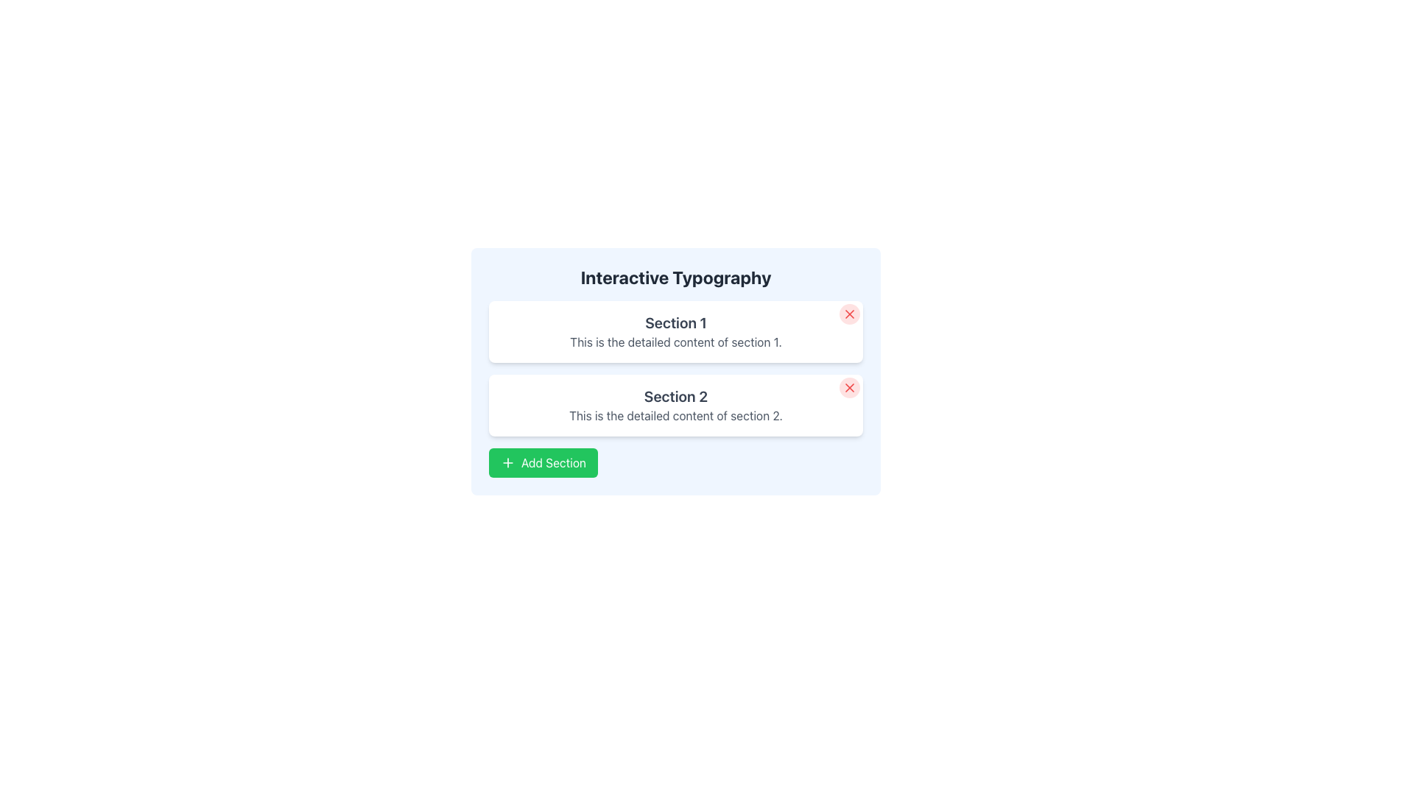 The image size is (1414, 795). I want to click on the descriptive text block under the 'Section 1' header, which provides detailed information regarding this section, so click(675, 342).